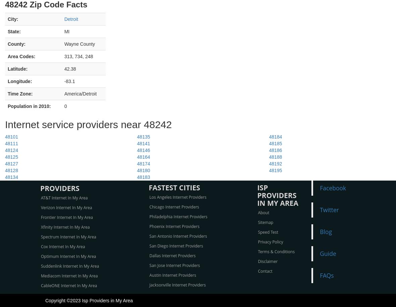 The height and width of the screenshot is (307, 396). I want to click on '48184', so click(275, 136).